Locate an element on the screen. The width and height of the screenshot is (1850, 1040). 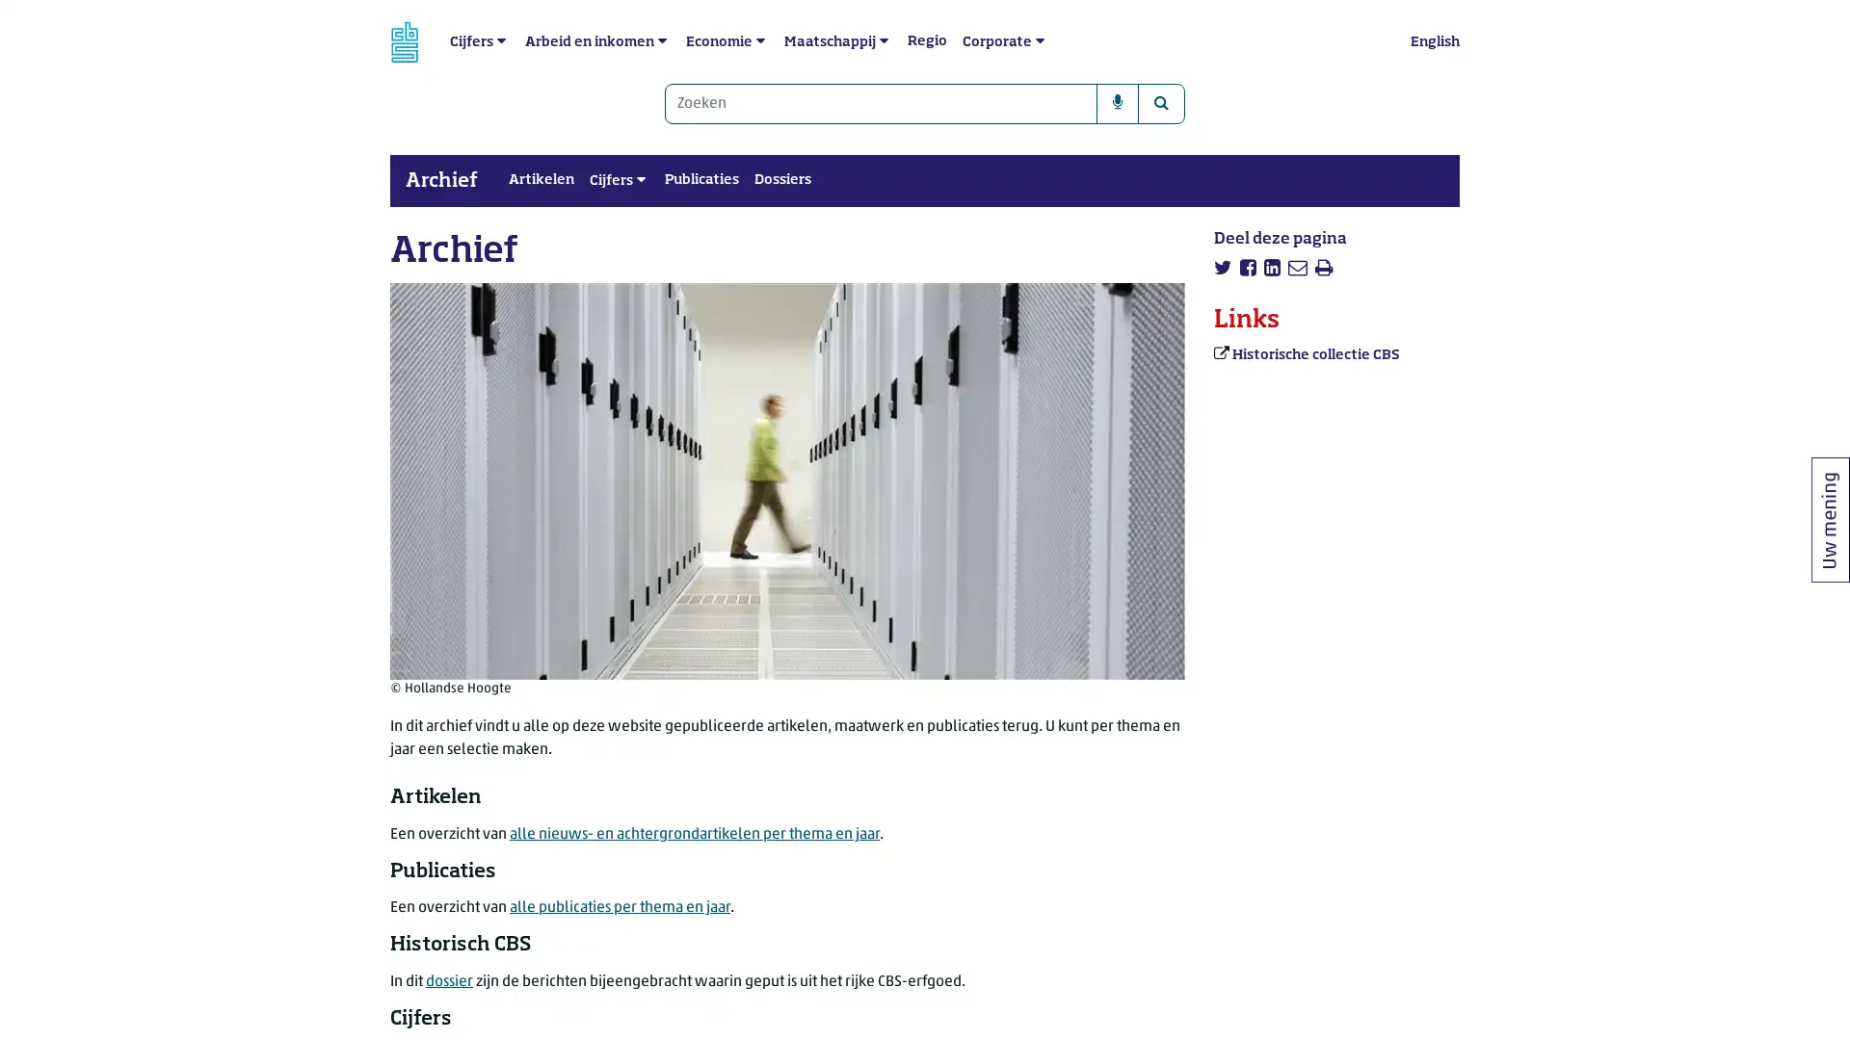
submenu Economie is located at coordinates (759, 40).